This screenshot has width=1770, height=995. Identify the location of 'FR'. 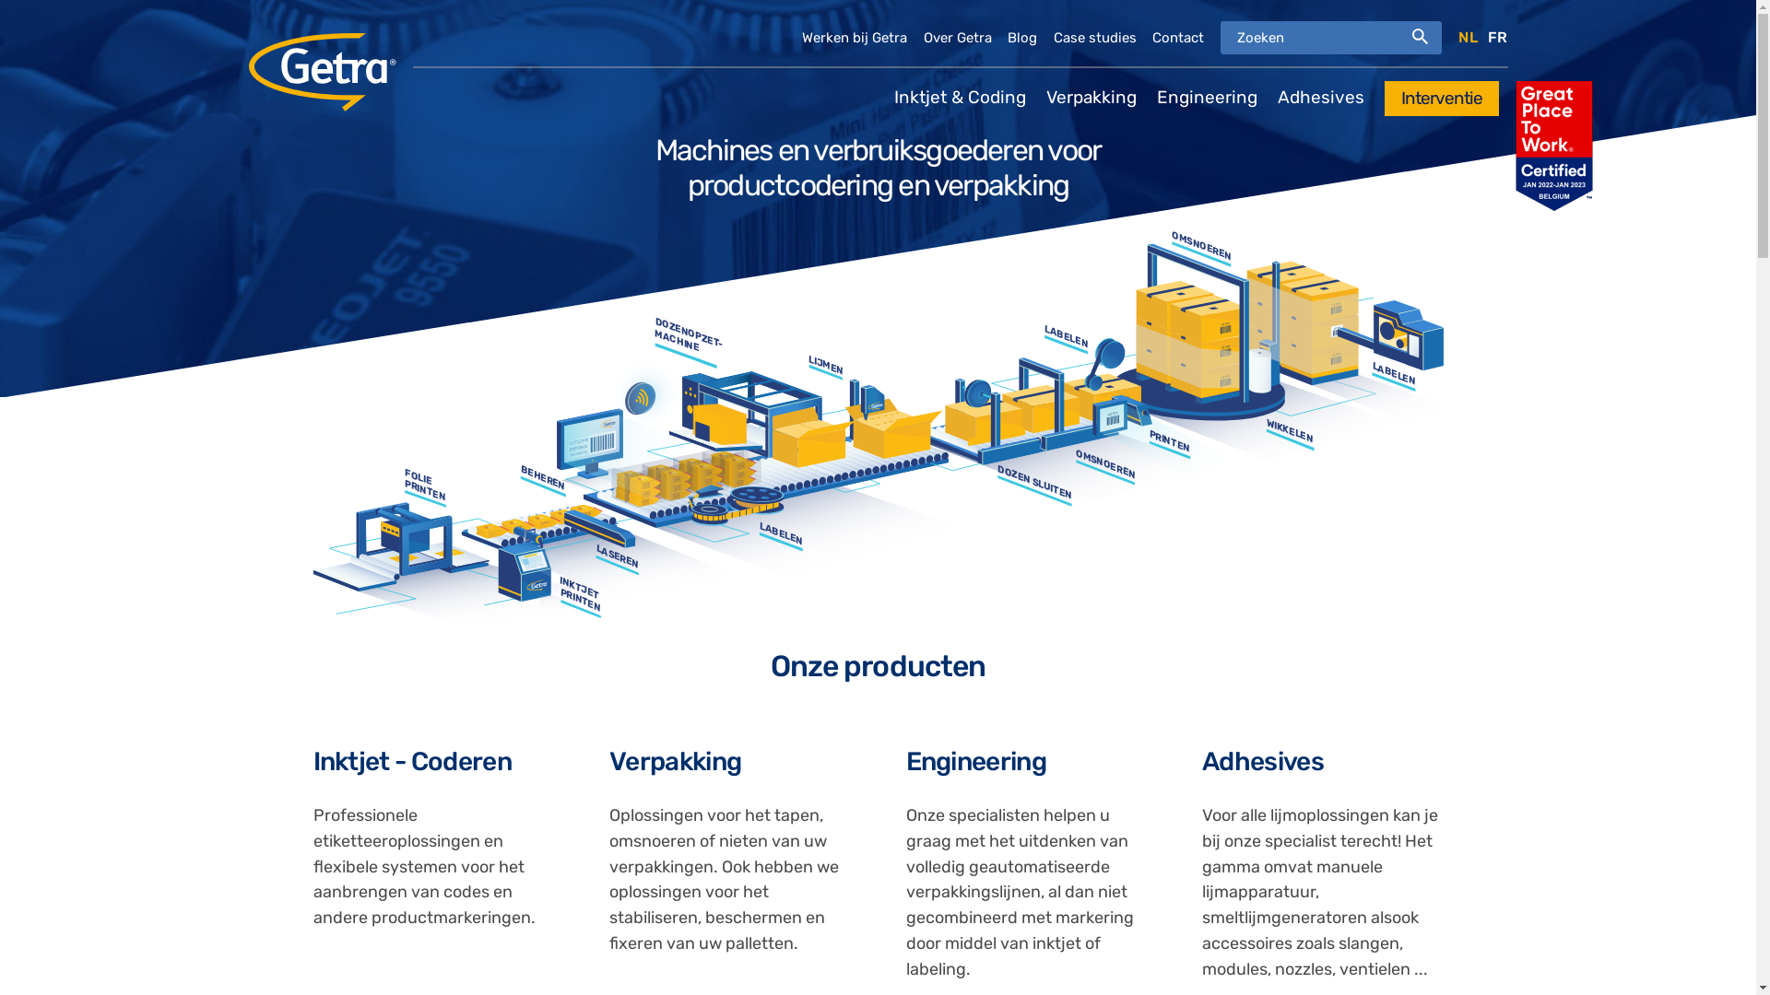
(1487, 37).